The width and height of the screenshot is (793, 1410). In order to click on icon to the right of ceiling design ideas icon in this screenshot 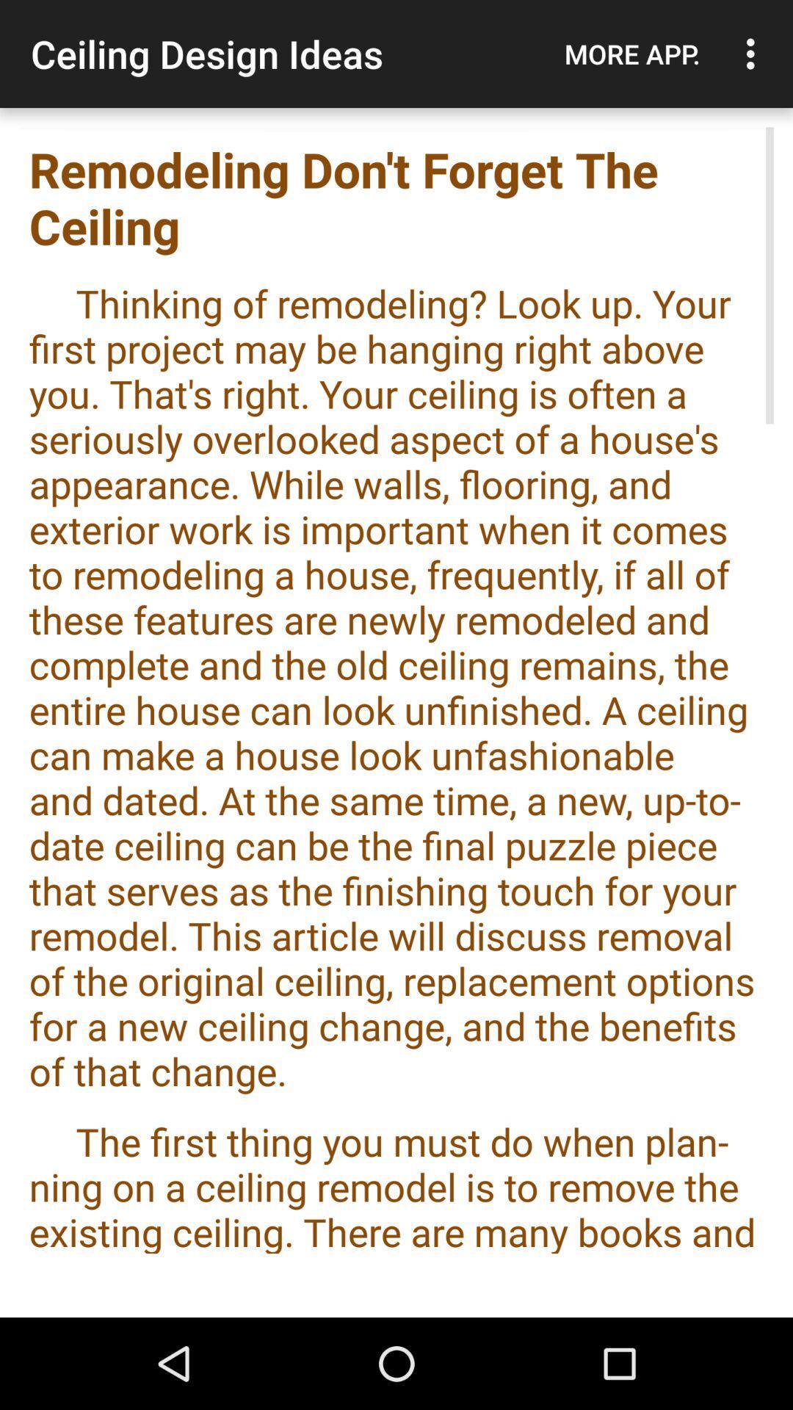, I will do `click(631, 54)`.